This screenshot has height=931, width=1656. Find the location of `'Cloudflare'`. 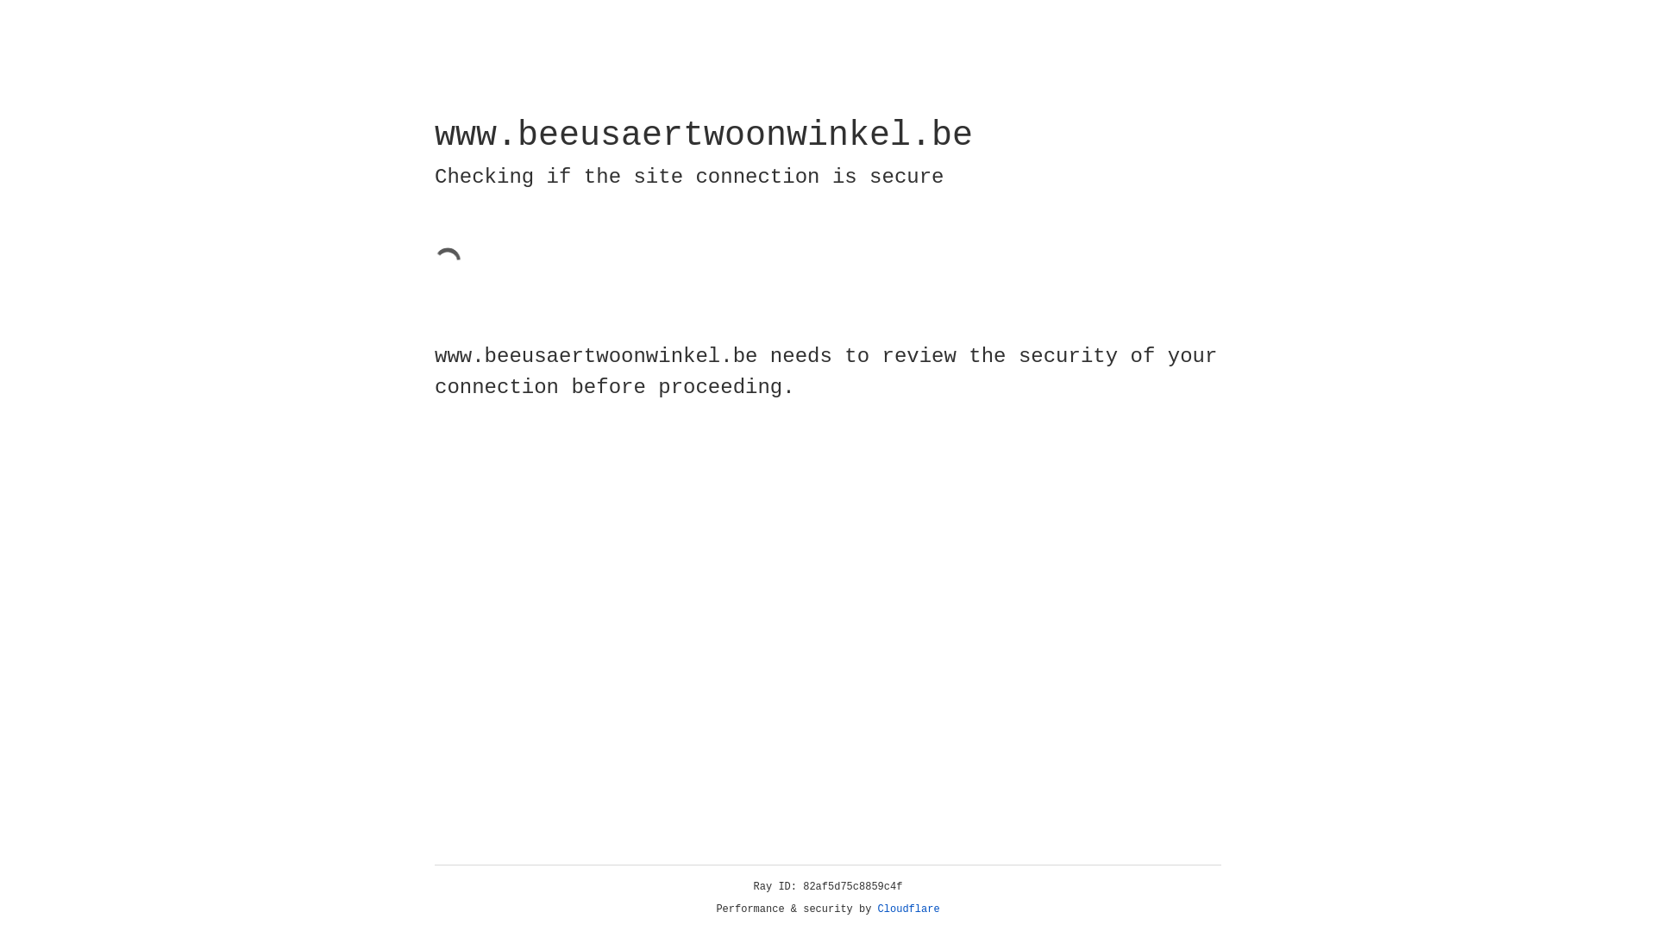

'Cloudflare' is located at coordinates (908, 909).